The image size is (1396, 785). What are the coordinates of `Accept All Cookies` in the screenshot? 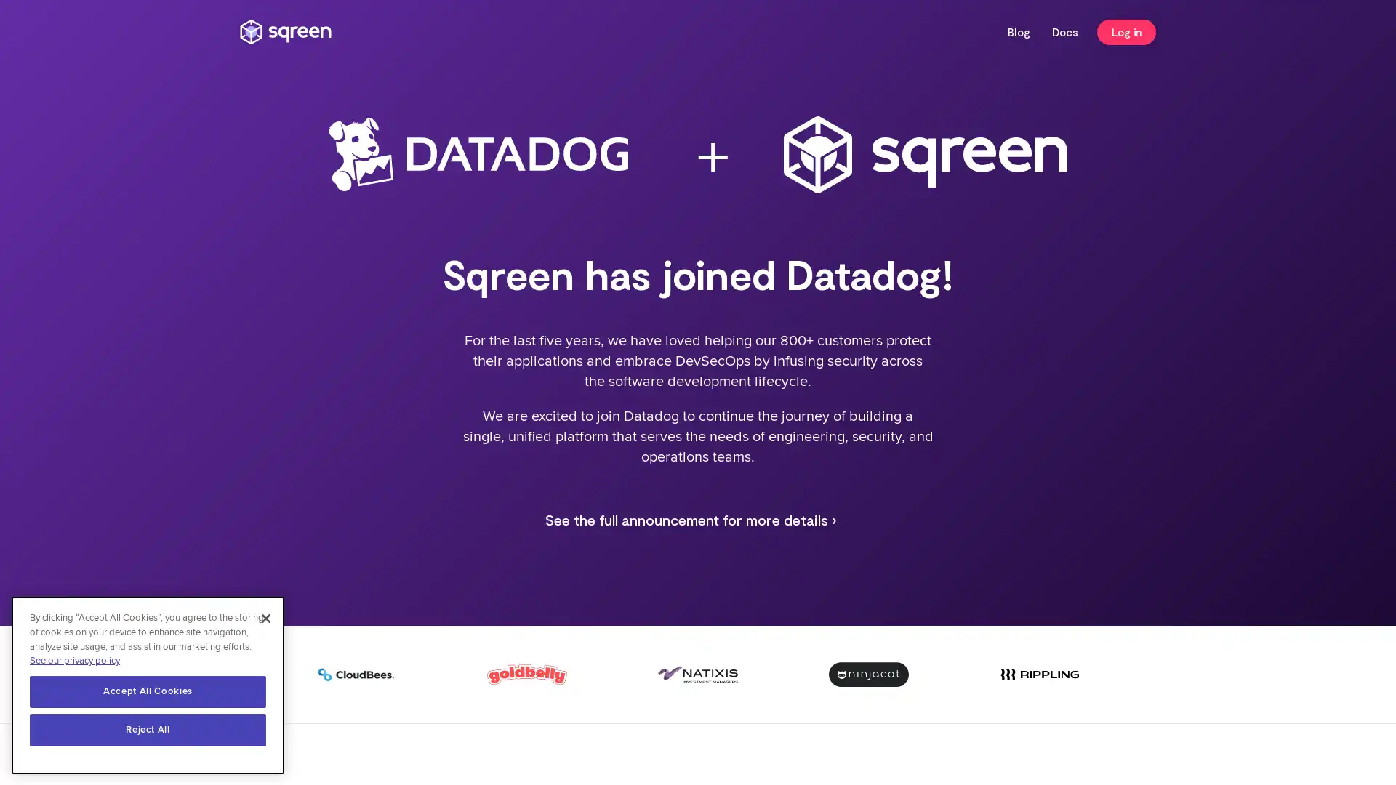 It's located at (148, 691).